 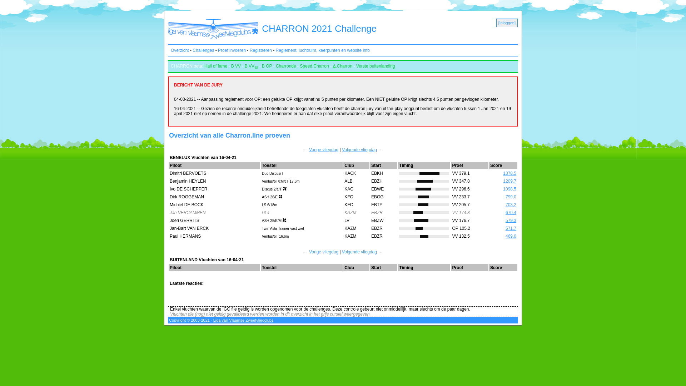 What do you see at coordinates (359, 252) in the screenshot?
I see `'Volgende vliegdag'` at bounding box center [359, 252].